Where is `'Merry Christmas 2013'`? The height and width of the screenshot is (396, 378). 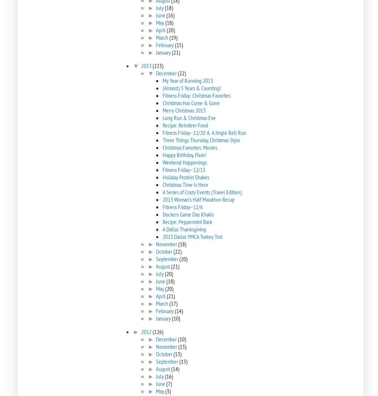 'Merry Christmas 2013' is located at coordinates (184, 110).